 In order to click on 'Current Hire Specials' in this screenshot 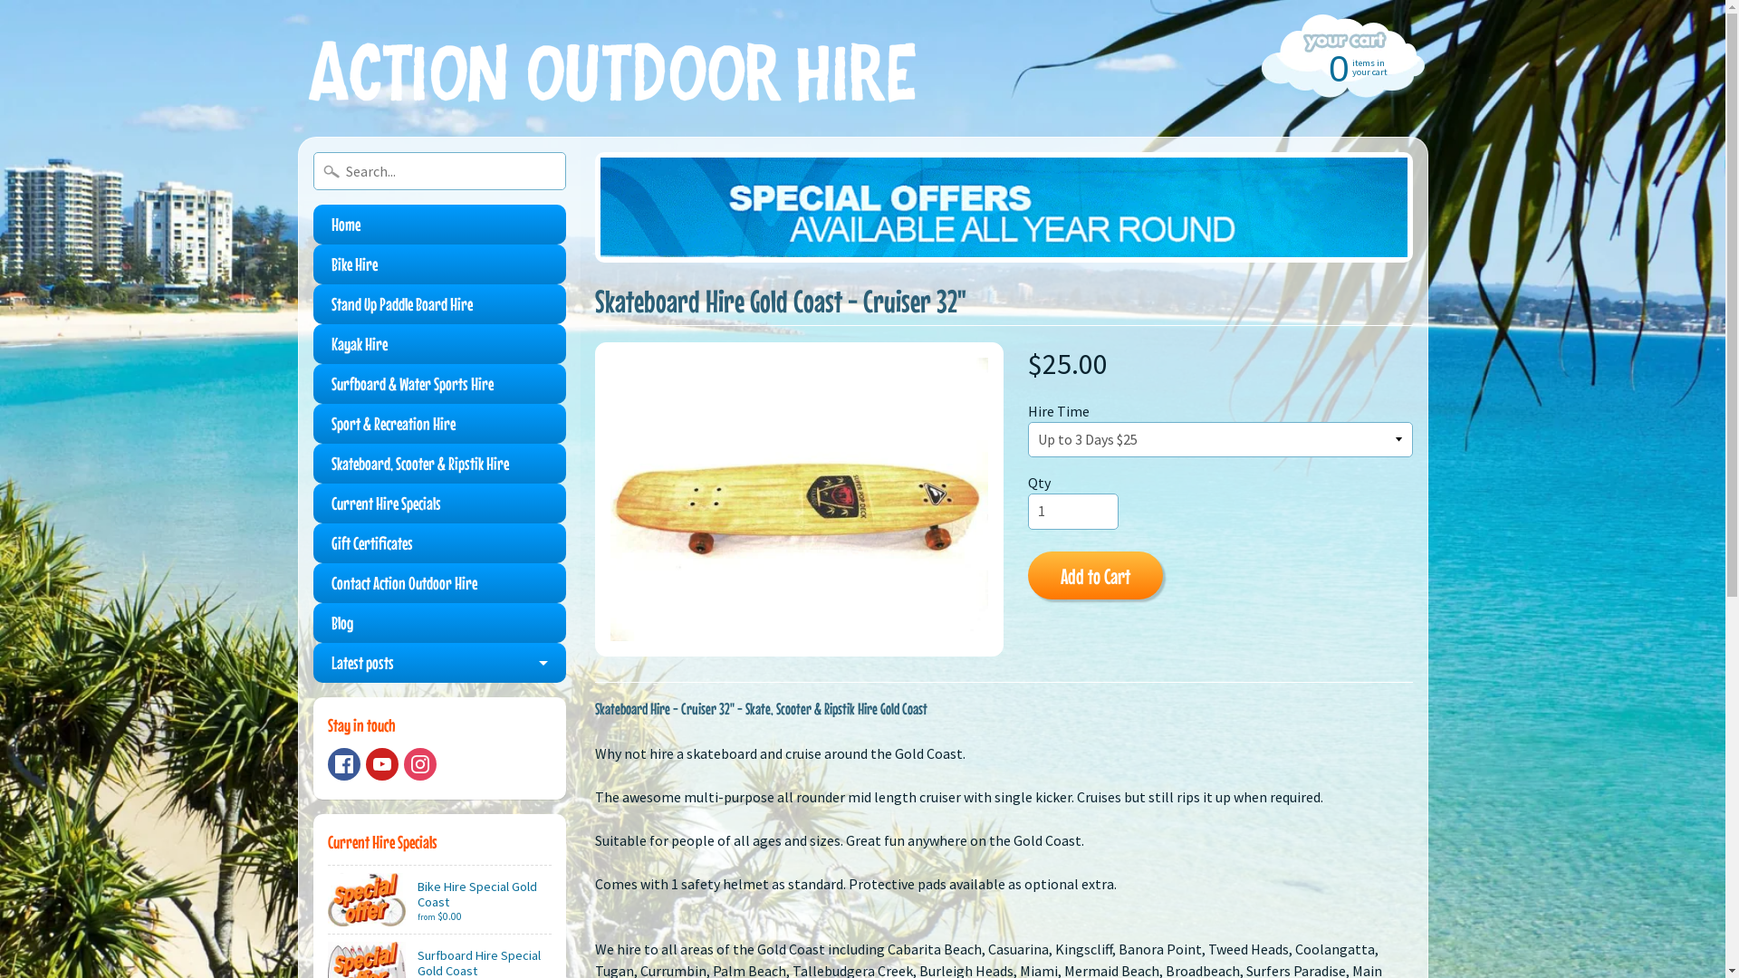, I will do `click(439, 503)`.